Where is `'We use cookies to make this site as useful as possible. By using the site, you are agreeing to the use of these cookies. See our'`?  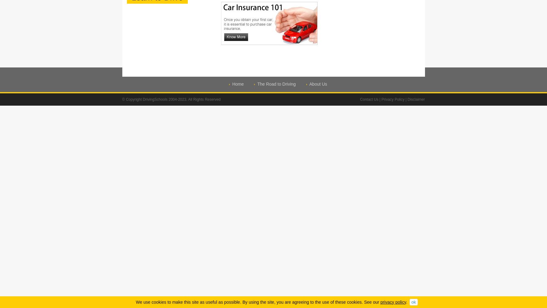
'We use cookies to make this site as useful as possible. By using the site, you are agreeing to the use of these cookies. See our' is located at coordinates (258, 302).